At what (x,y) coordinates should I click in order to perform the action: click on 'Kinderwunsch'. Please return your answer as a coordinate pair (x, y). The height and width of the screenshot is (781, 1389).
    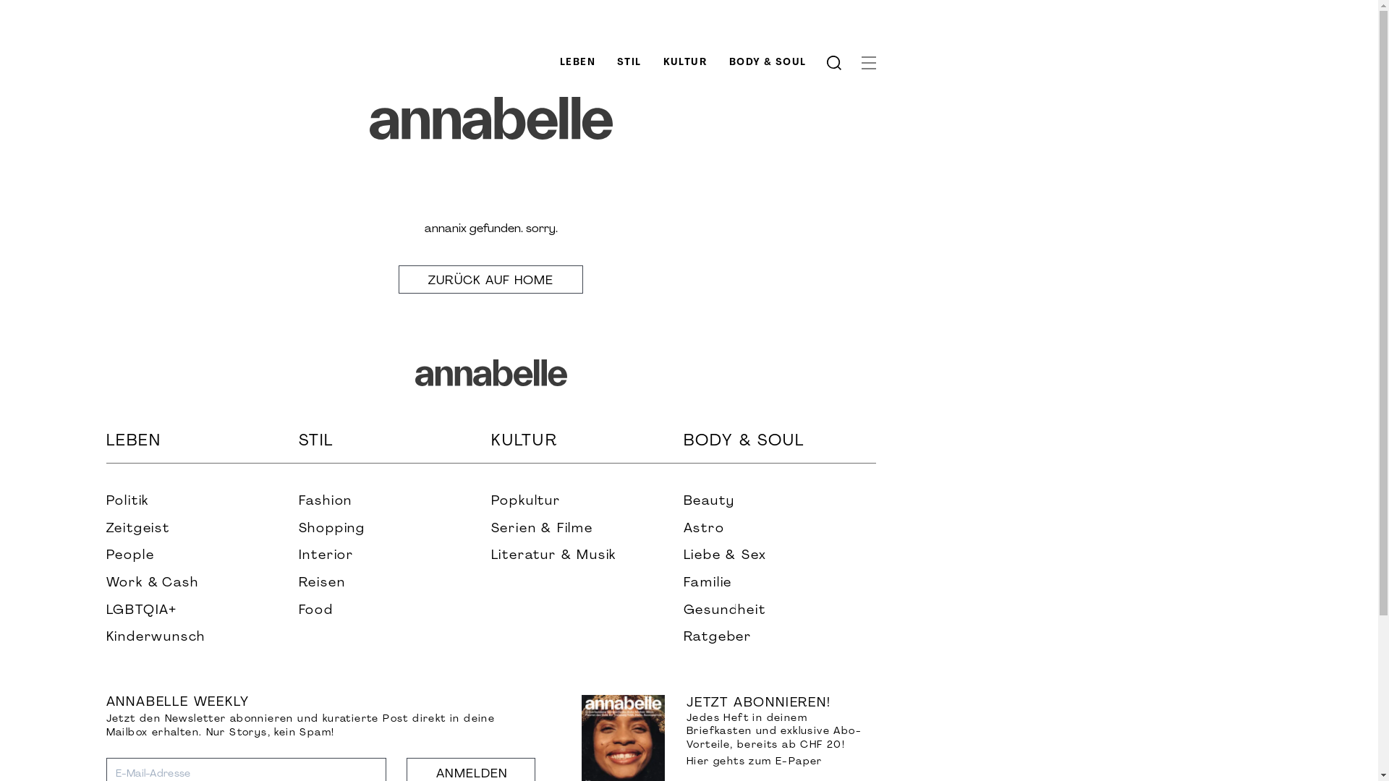
    Looking at the image, I should click on (104, 637).